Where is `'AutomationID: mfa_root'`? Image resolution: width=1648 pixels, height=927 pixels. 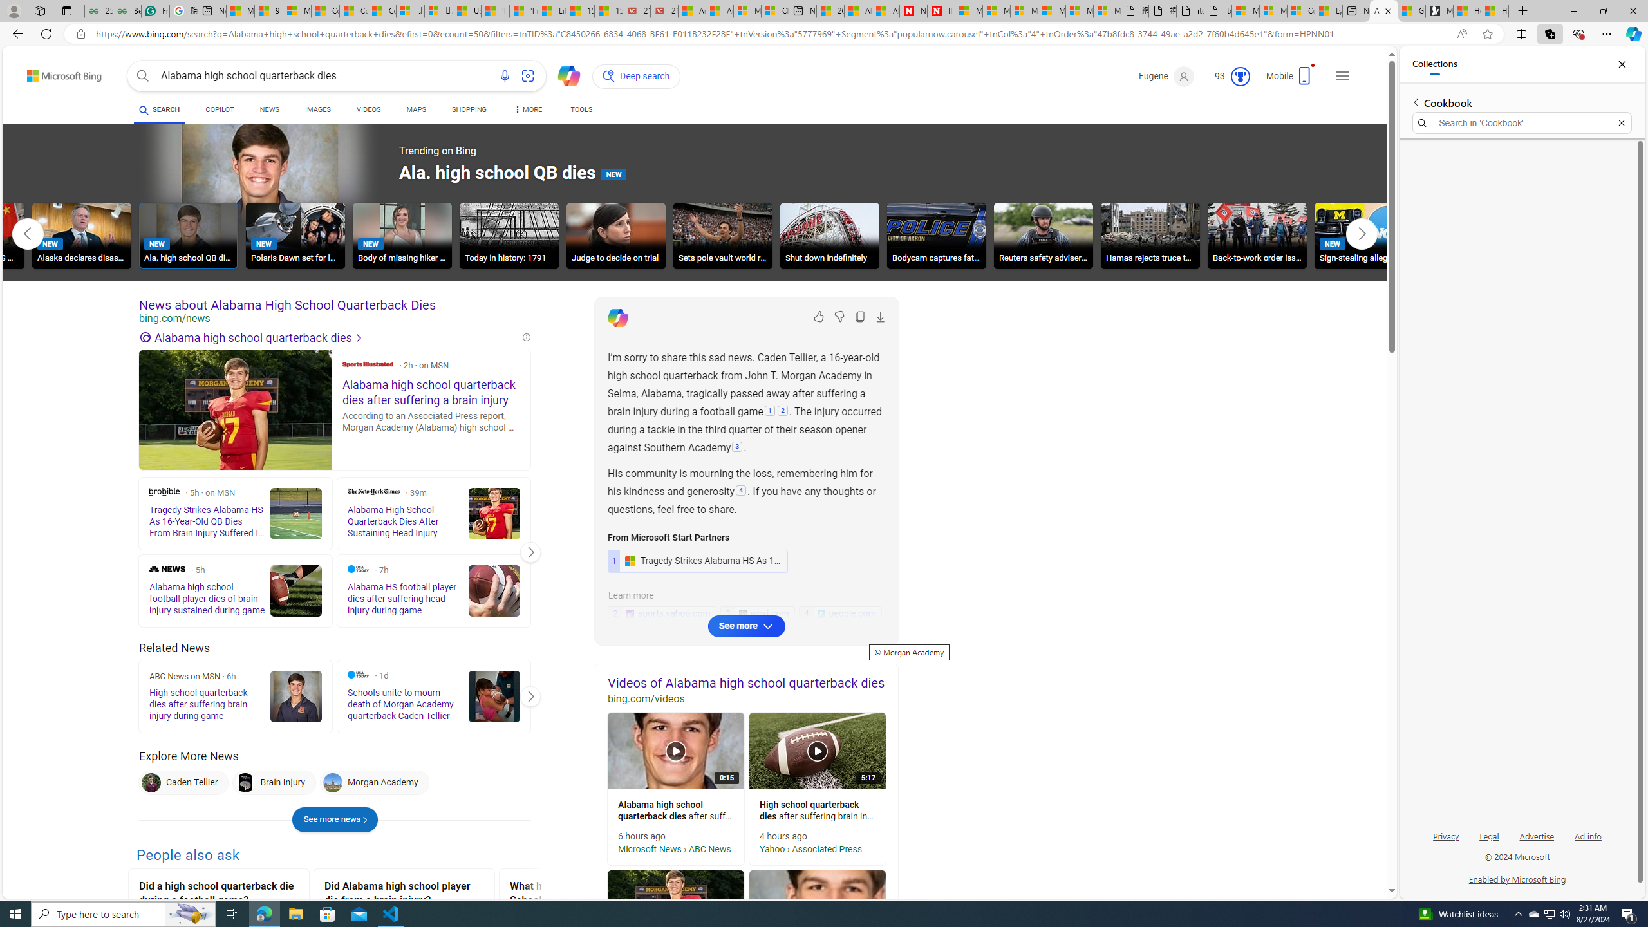
'AutomationID: mfa_root' is located at coordinates (1344, 852).